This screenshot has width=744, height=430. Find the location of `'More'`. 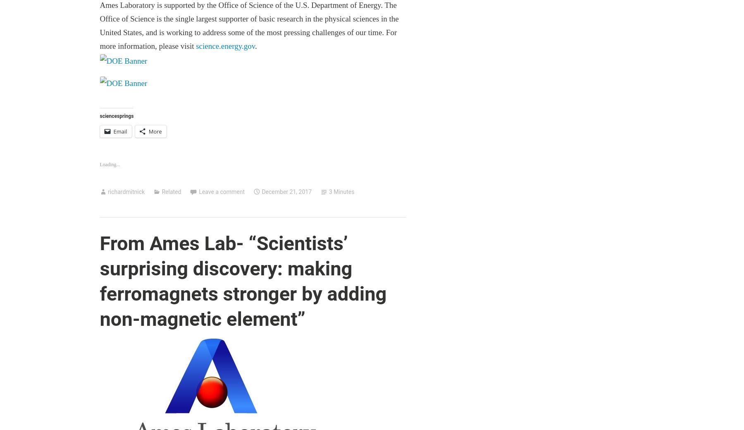

'More' is located at coordinates (155, 131).